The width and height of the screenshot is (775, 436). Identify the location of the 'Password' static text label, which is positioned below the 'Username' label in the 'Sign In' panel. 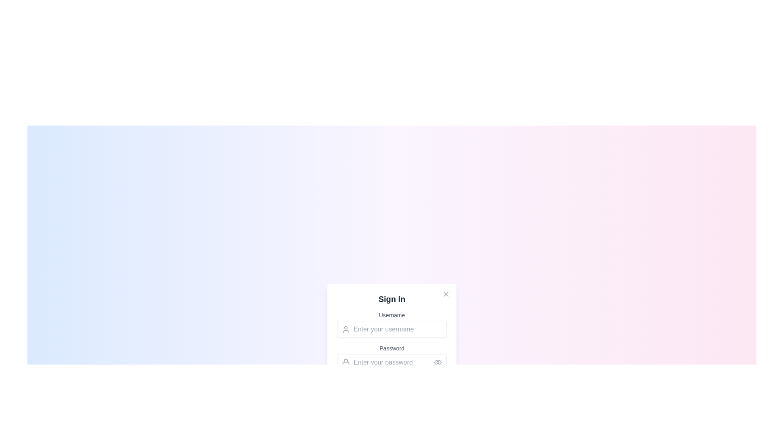
(392, 352).